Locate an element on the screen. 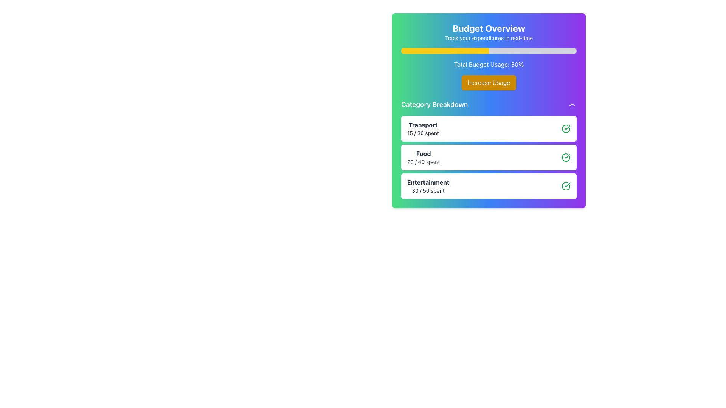 This screenshot has height=408, width=726. the yellow progress indicator that represents 50% completion within the horizontal progress bar located underneath the 'Track your expenditures in real-time' text is located at coordinates (445, 51).